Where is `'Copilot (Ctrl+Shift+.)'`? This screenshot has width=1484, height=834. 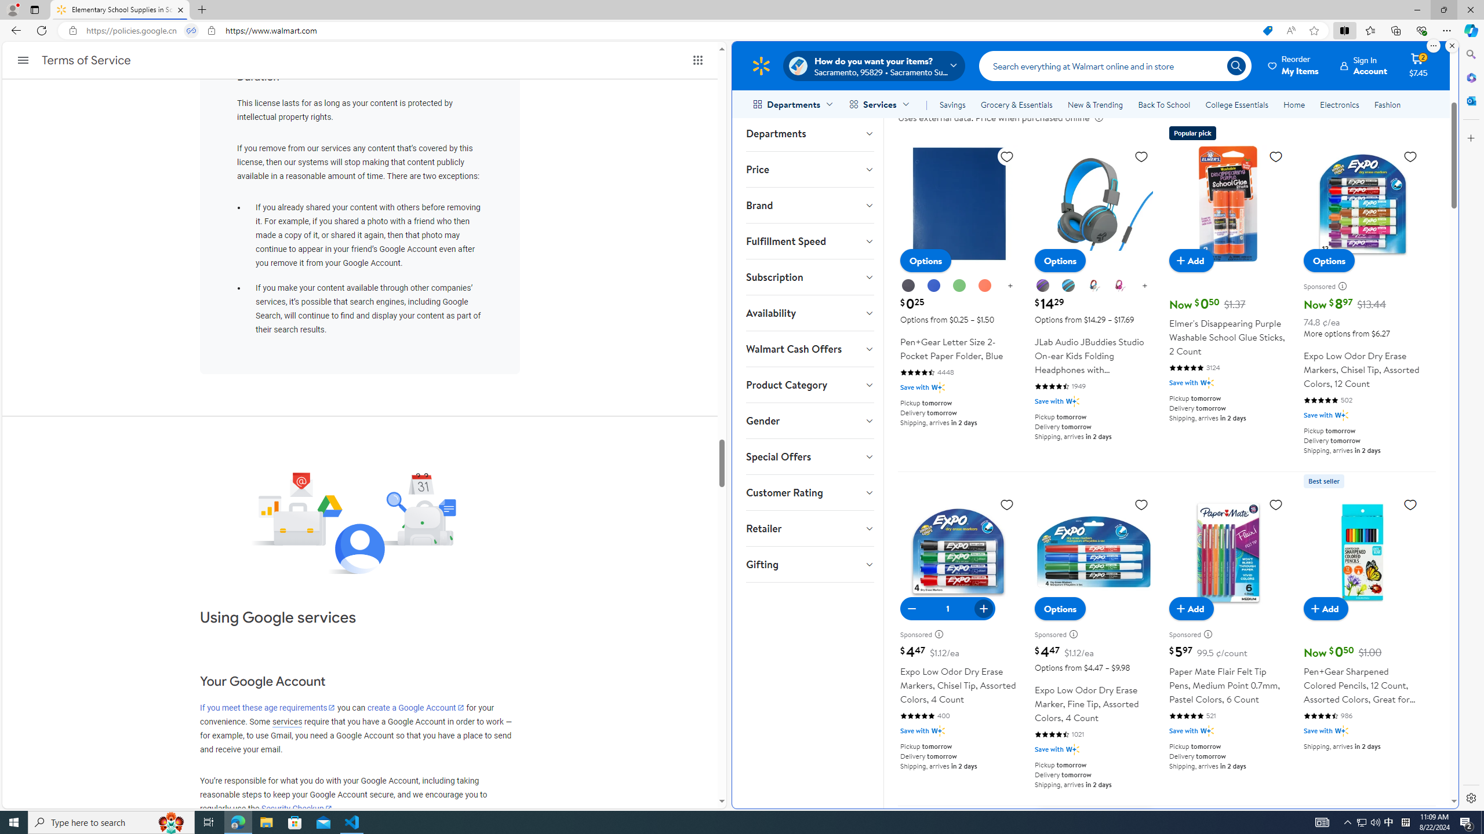 'Copilot (Ctrl+Shift+.)' is located at coordinates (1470, 30).